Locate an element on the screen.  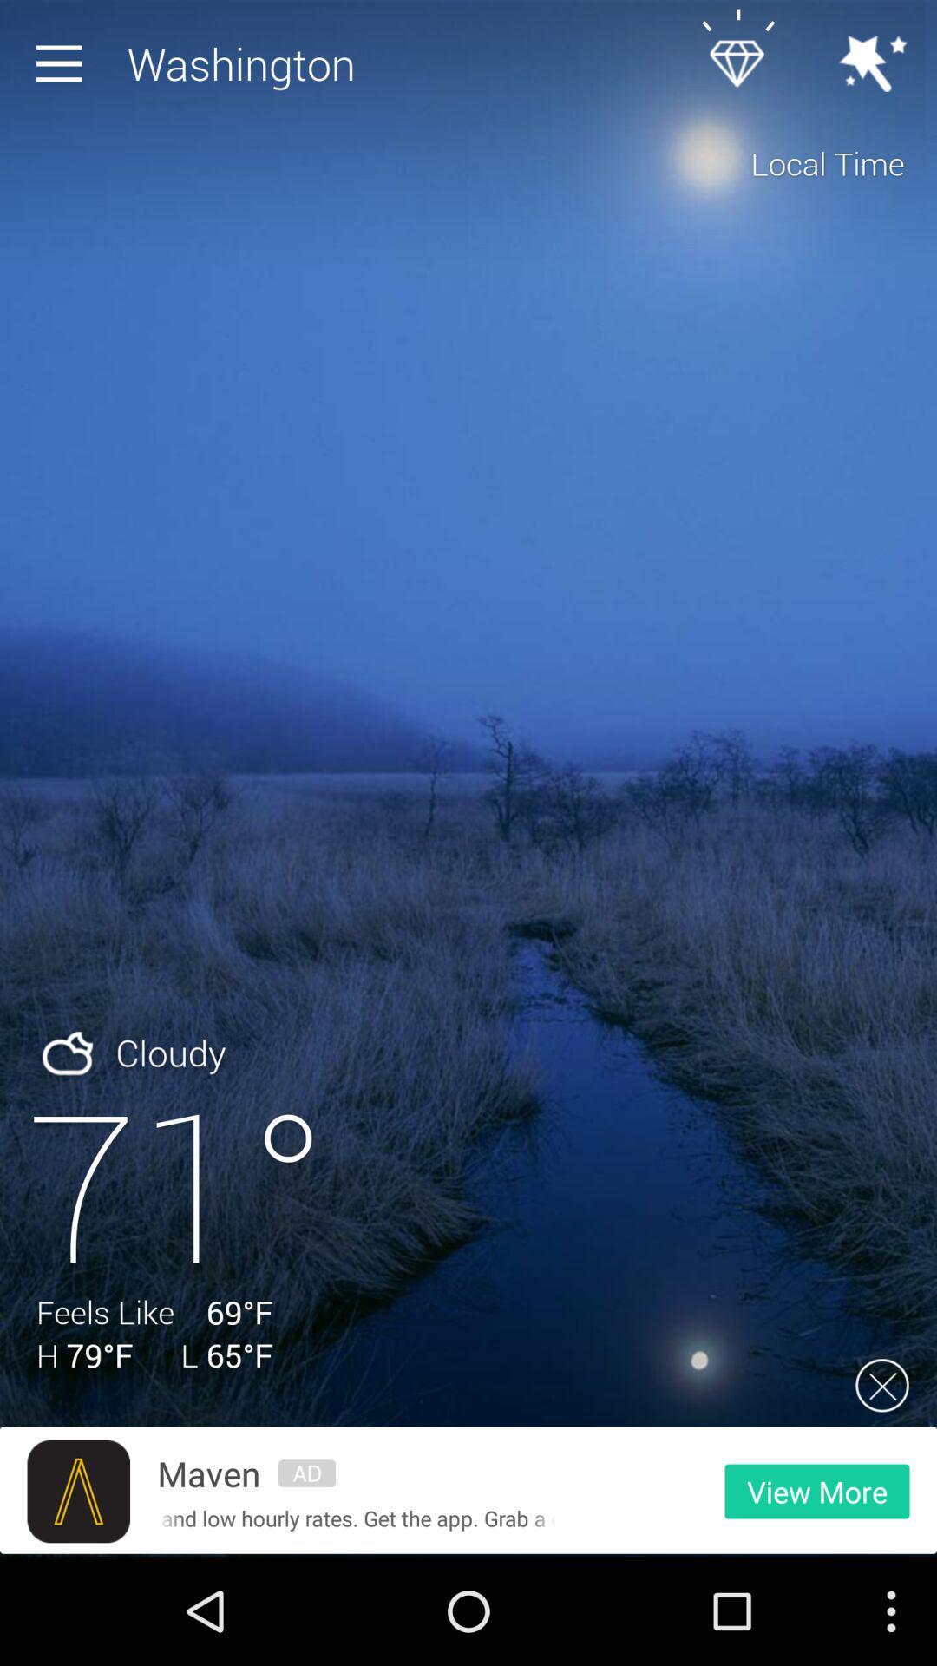
the menu icon is located at coordinates (62, 68).